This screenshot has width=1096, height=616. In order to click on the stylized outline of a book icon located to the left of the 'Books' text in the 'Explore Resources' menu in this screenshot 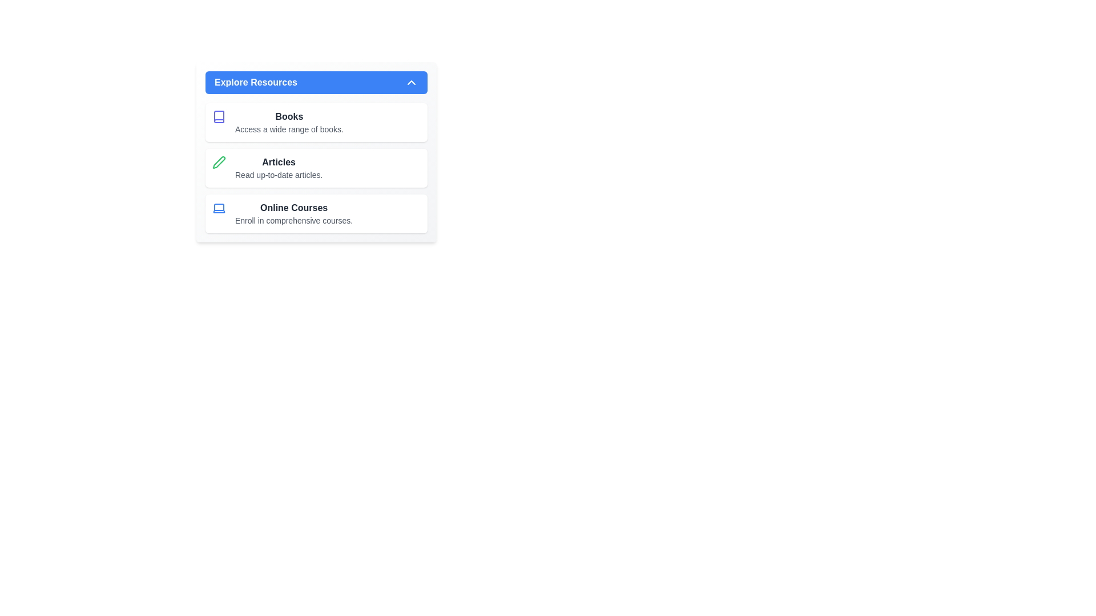, I will do `click(219, 116)`.